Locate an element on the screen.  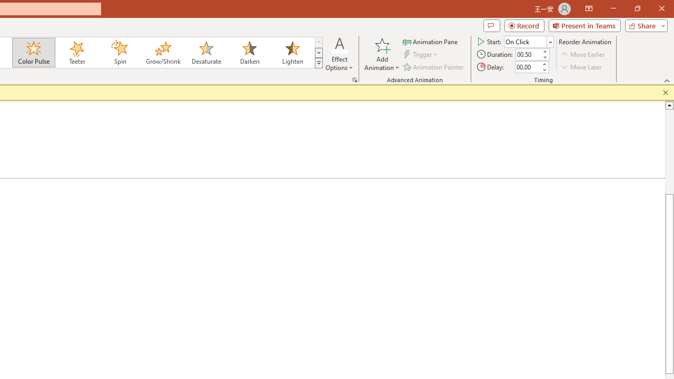
'Darken' is located at coordinates (249, 53).